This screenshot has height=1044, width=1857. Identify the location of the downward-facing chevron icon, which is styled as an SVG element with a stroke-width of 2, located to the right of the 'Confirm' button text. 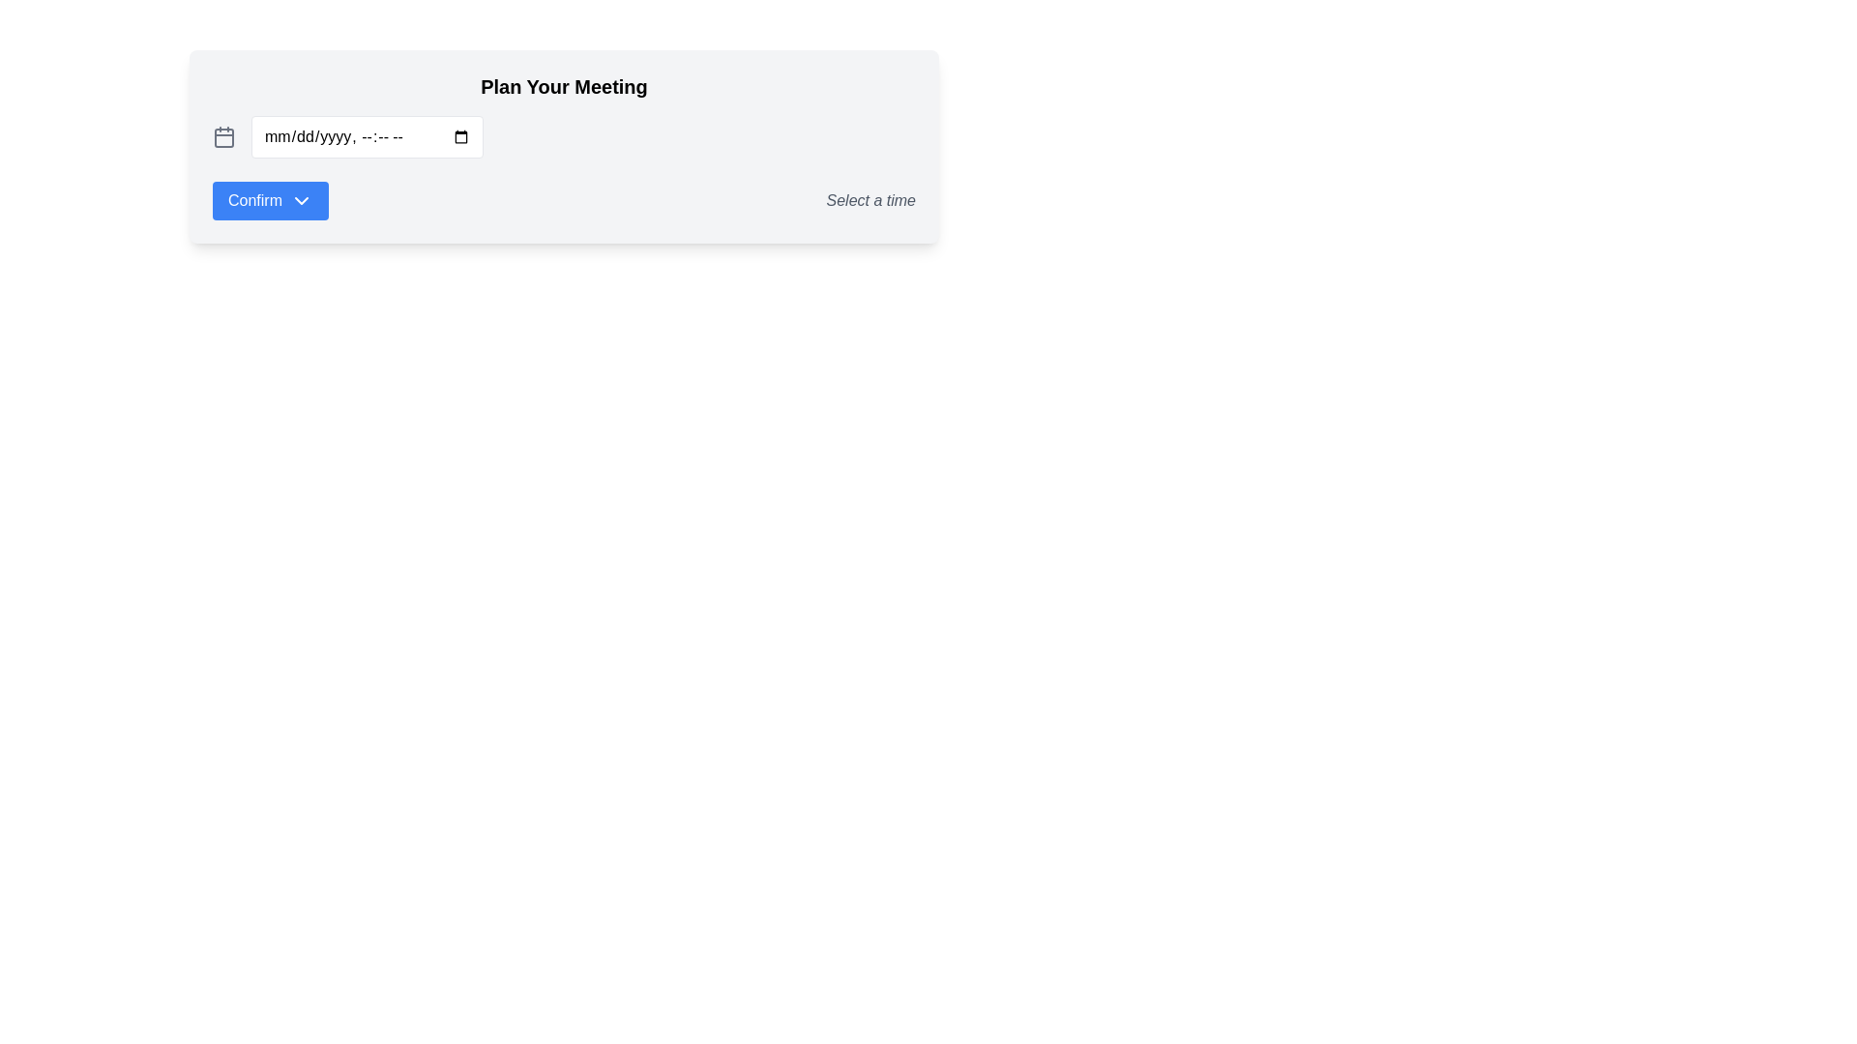
(301, 201).